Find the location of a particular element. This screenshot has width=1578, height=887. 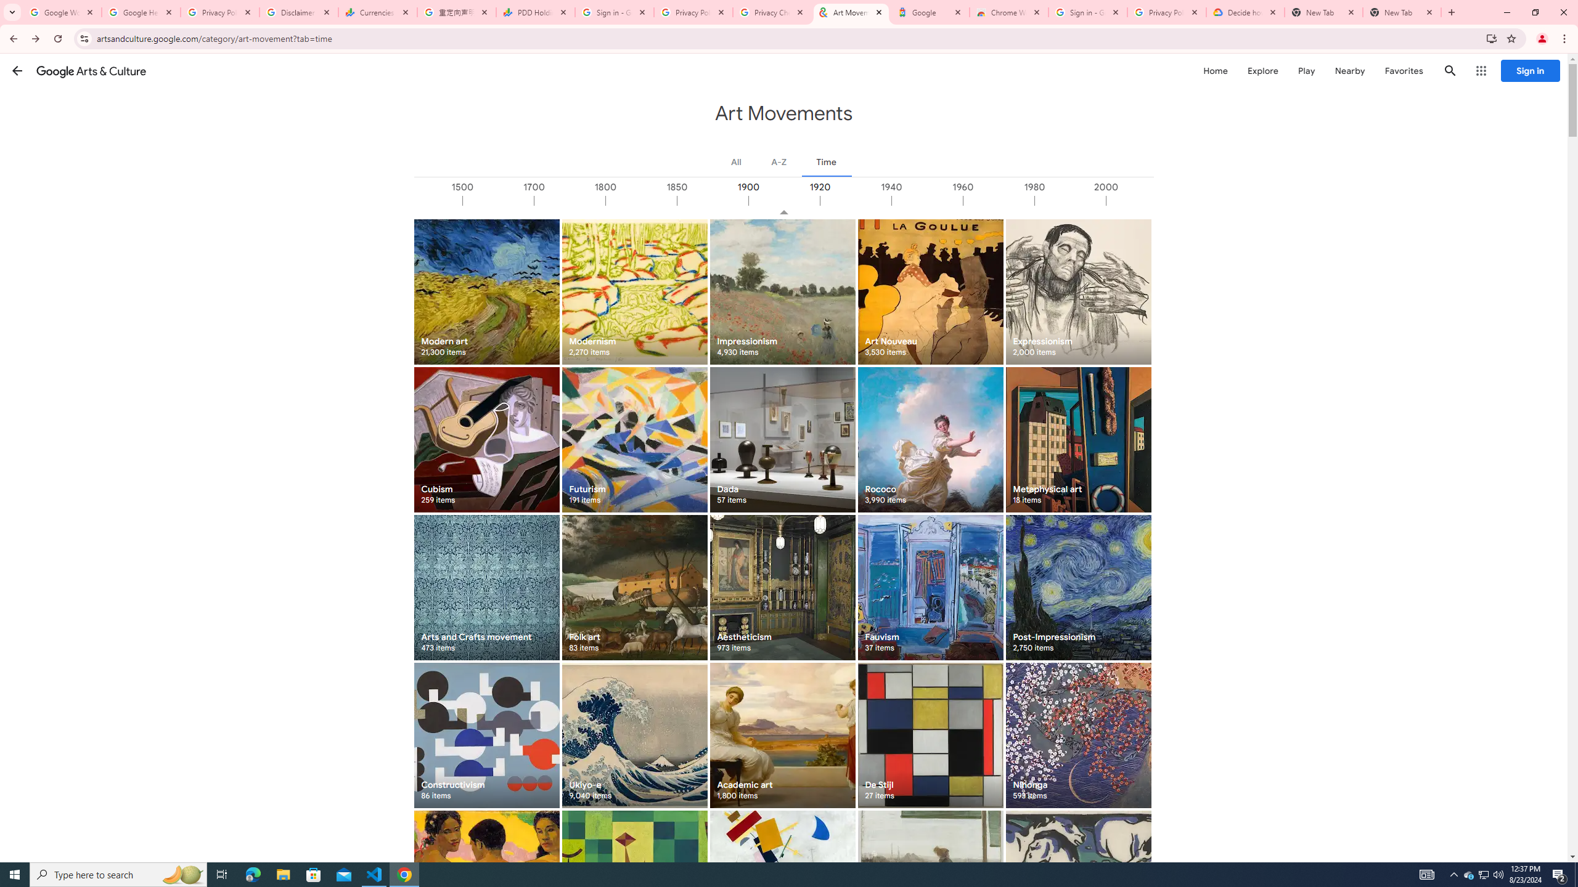

'A-Z' is located at coordinates (779, 161).